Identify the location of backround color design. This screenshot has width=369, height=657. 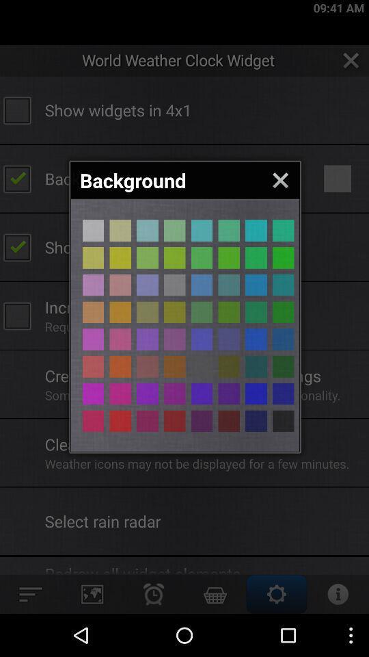
(256, 257).